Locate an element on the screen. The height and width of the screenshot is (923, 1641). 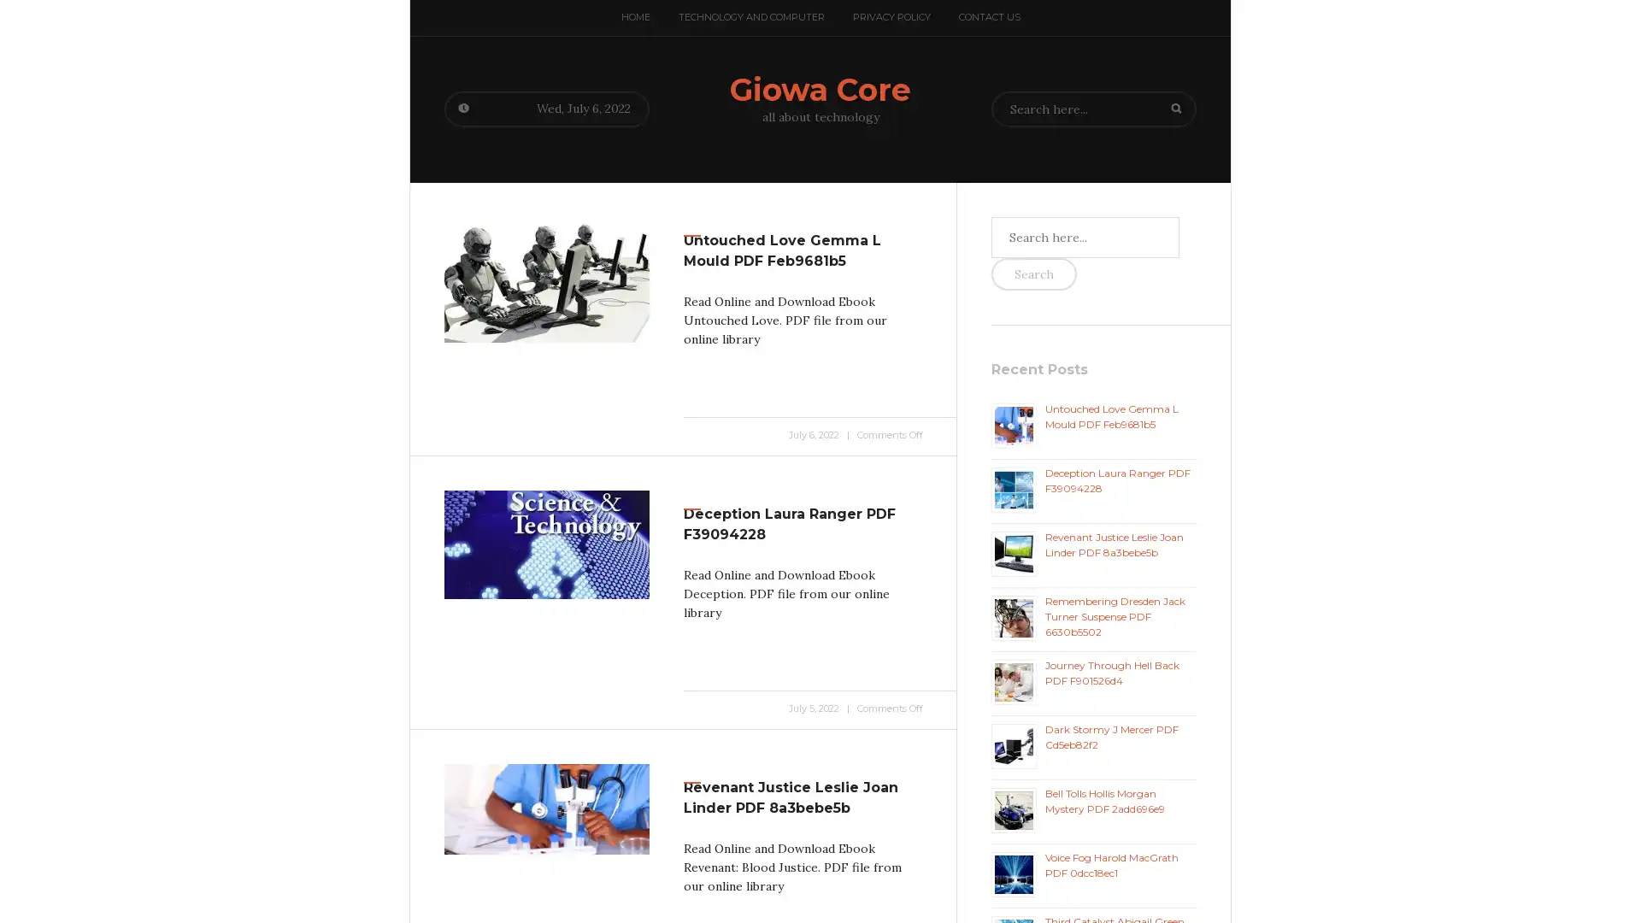
Search is located at coordinates (1161, 109).